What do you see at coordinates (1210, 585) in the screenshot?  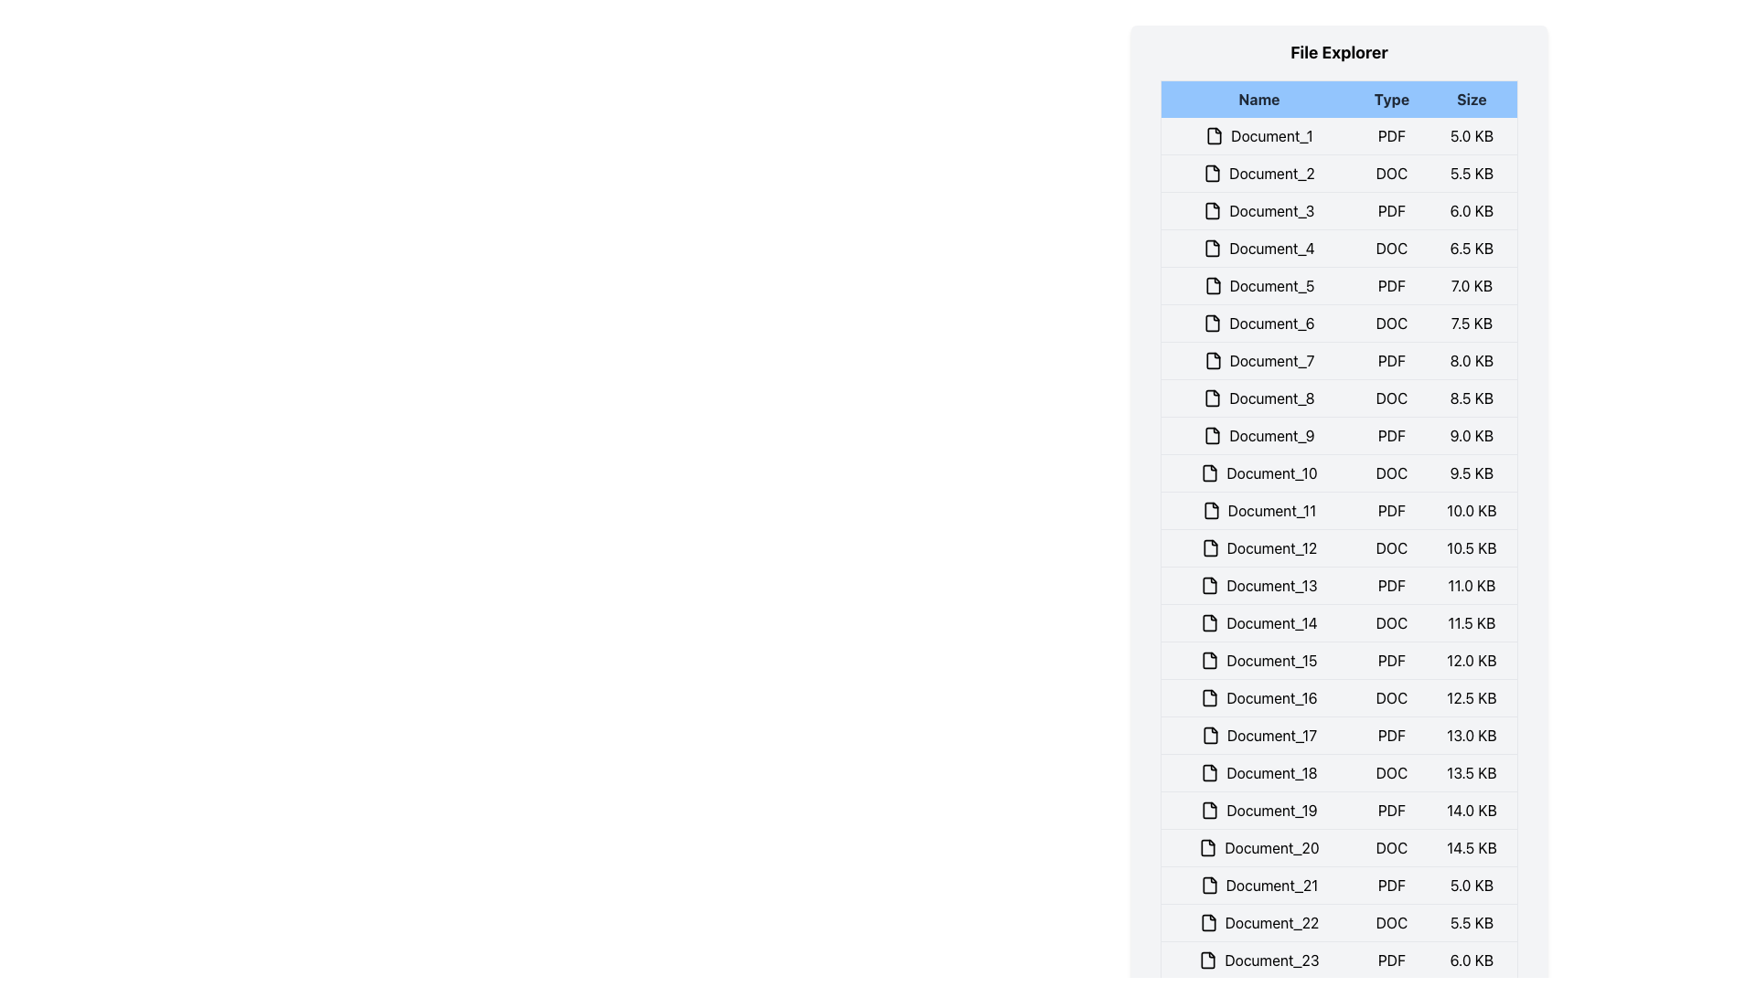 I see `the icon representing the file associated with 'Document_13' in the file explorer, located in the leftmost column of the table` at bounding box center [1210, 585].